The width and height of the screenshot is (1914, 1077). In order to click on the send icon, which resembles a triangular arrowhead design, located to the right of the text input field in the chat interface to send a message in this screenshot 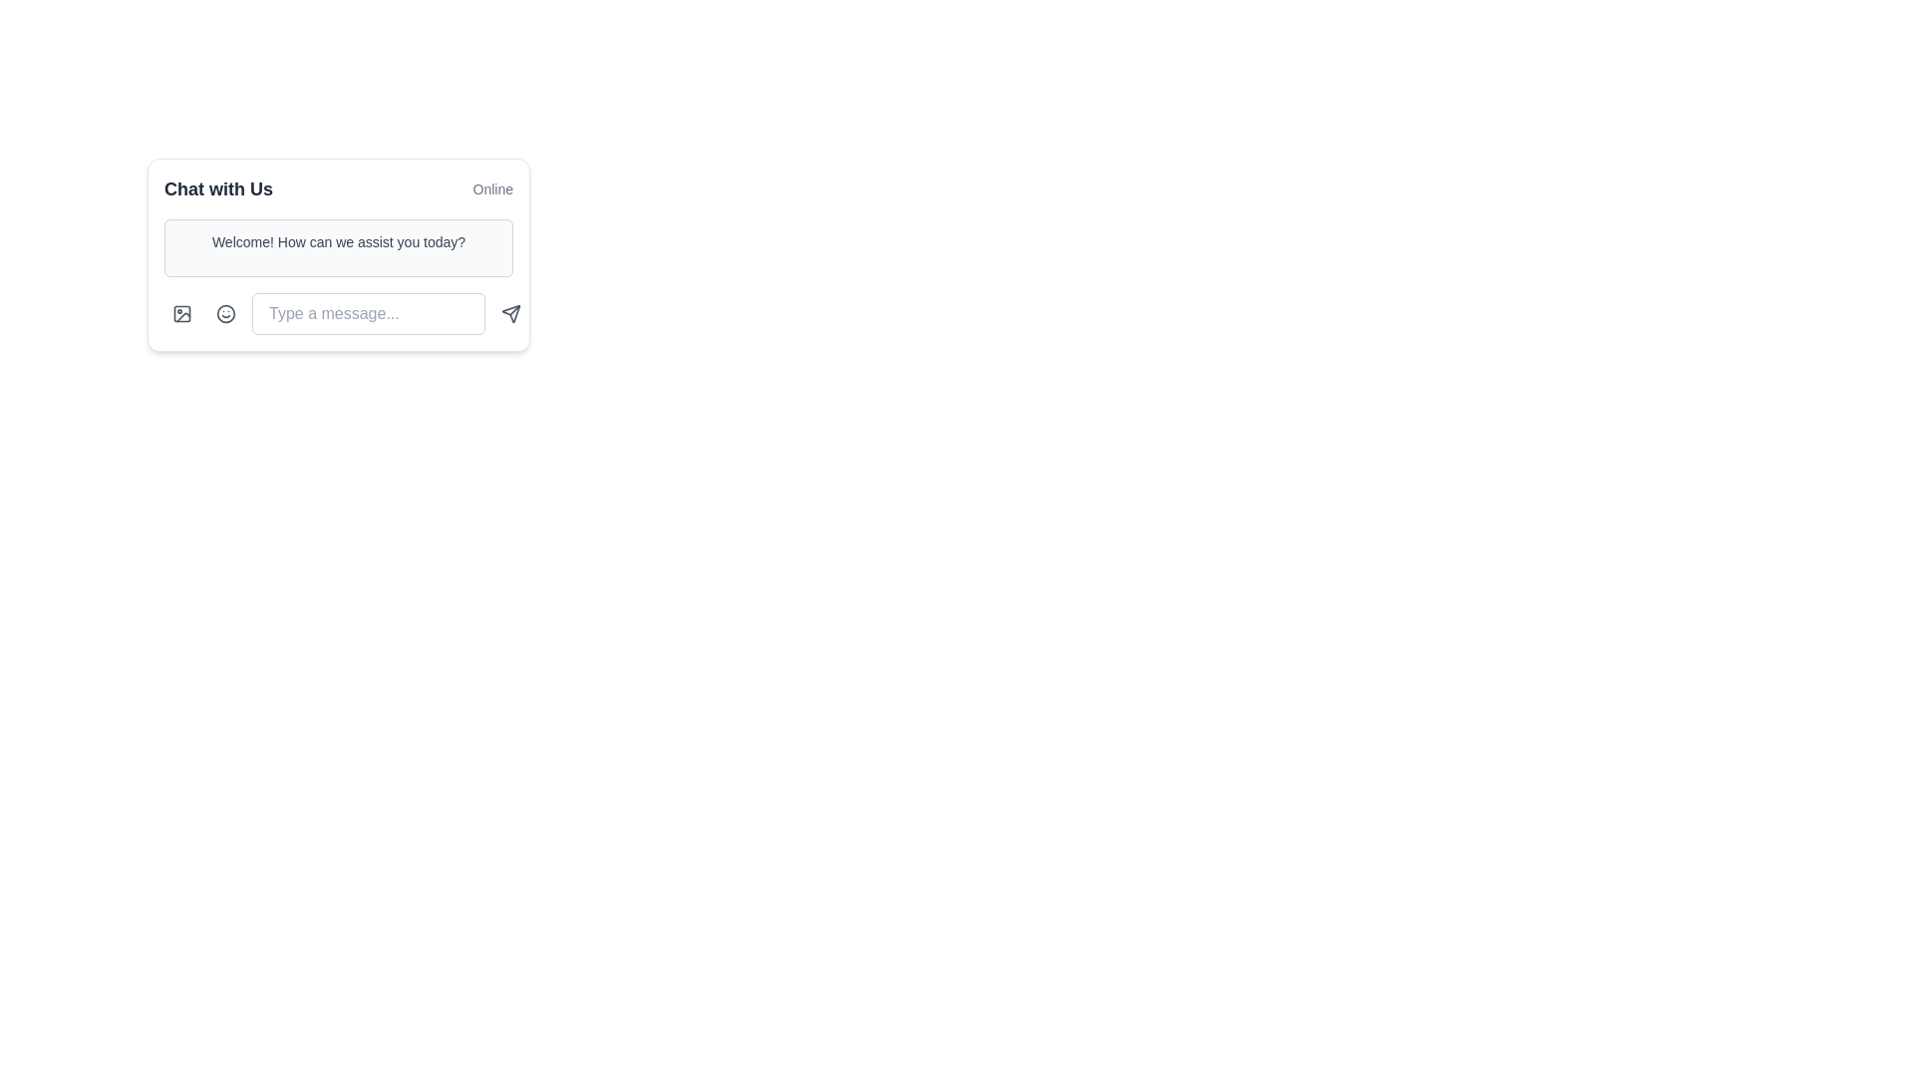, I will do `click(511, 314)`.